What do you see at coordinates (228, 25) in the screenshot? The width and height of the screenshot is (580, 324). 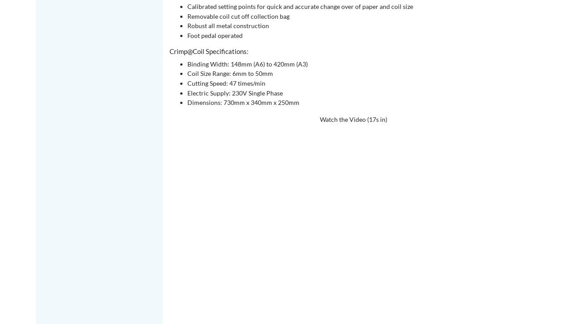 I see `'Robust all metal construction'` at bounding box center [228, 25].